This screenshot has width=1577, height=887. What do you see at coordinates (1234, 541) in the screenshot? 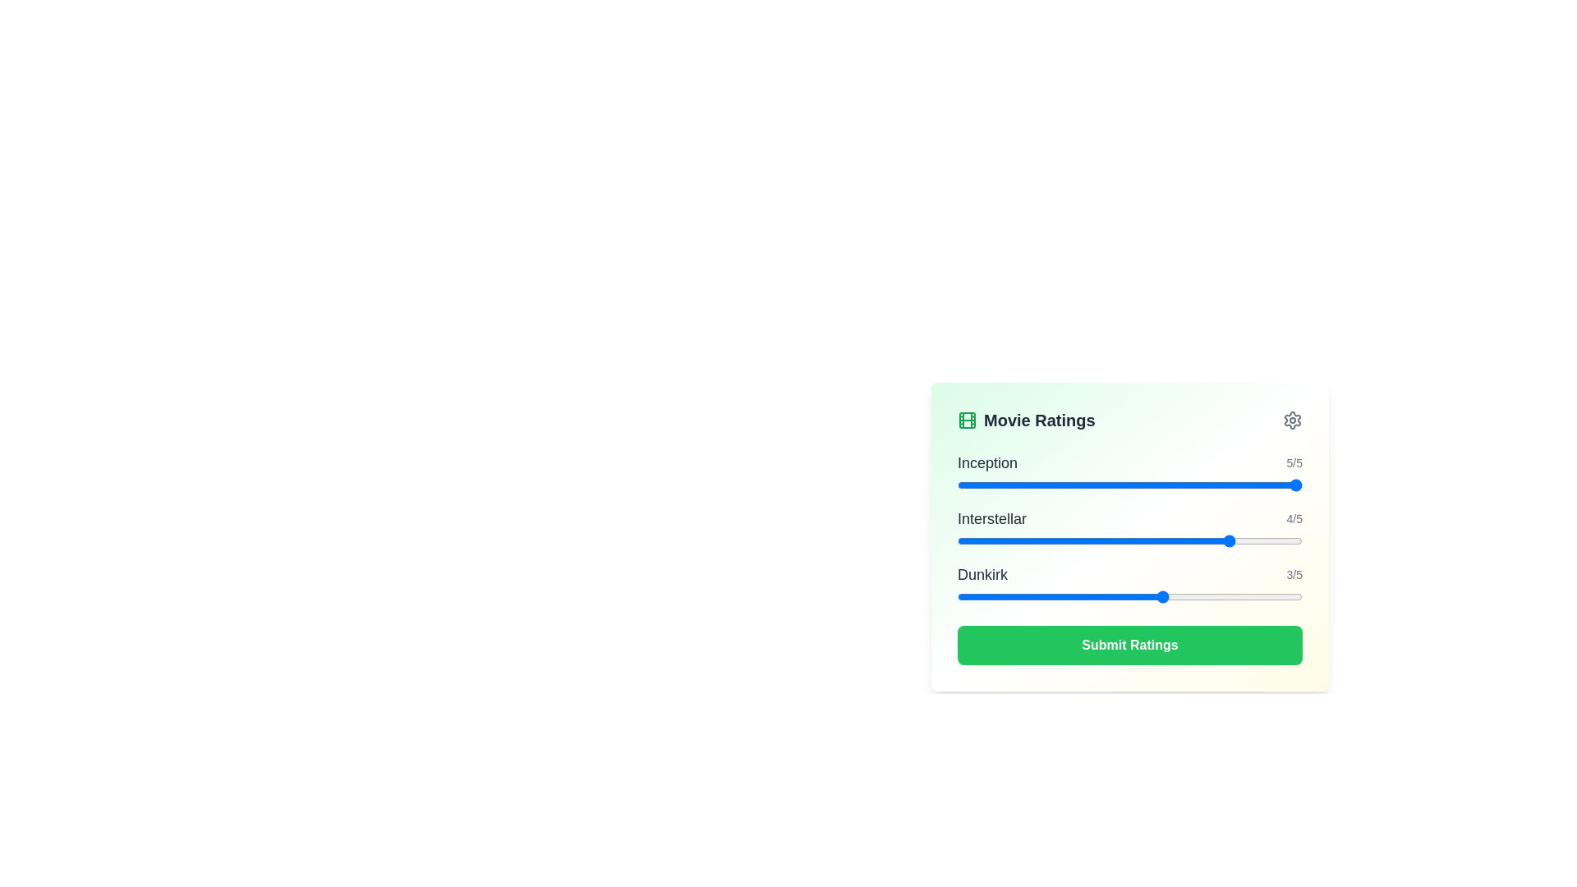
I see `the rating for 'Interstellar'` at bounding box center [1234, 541].